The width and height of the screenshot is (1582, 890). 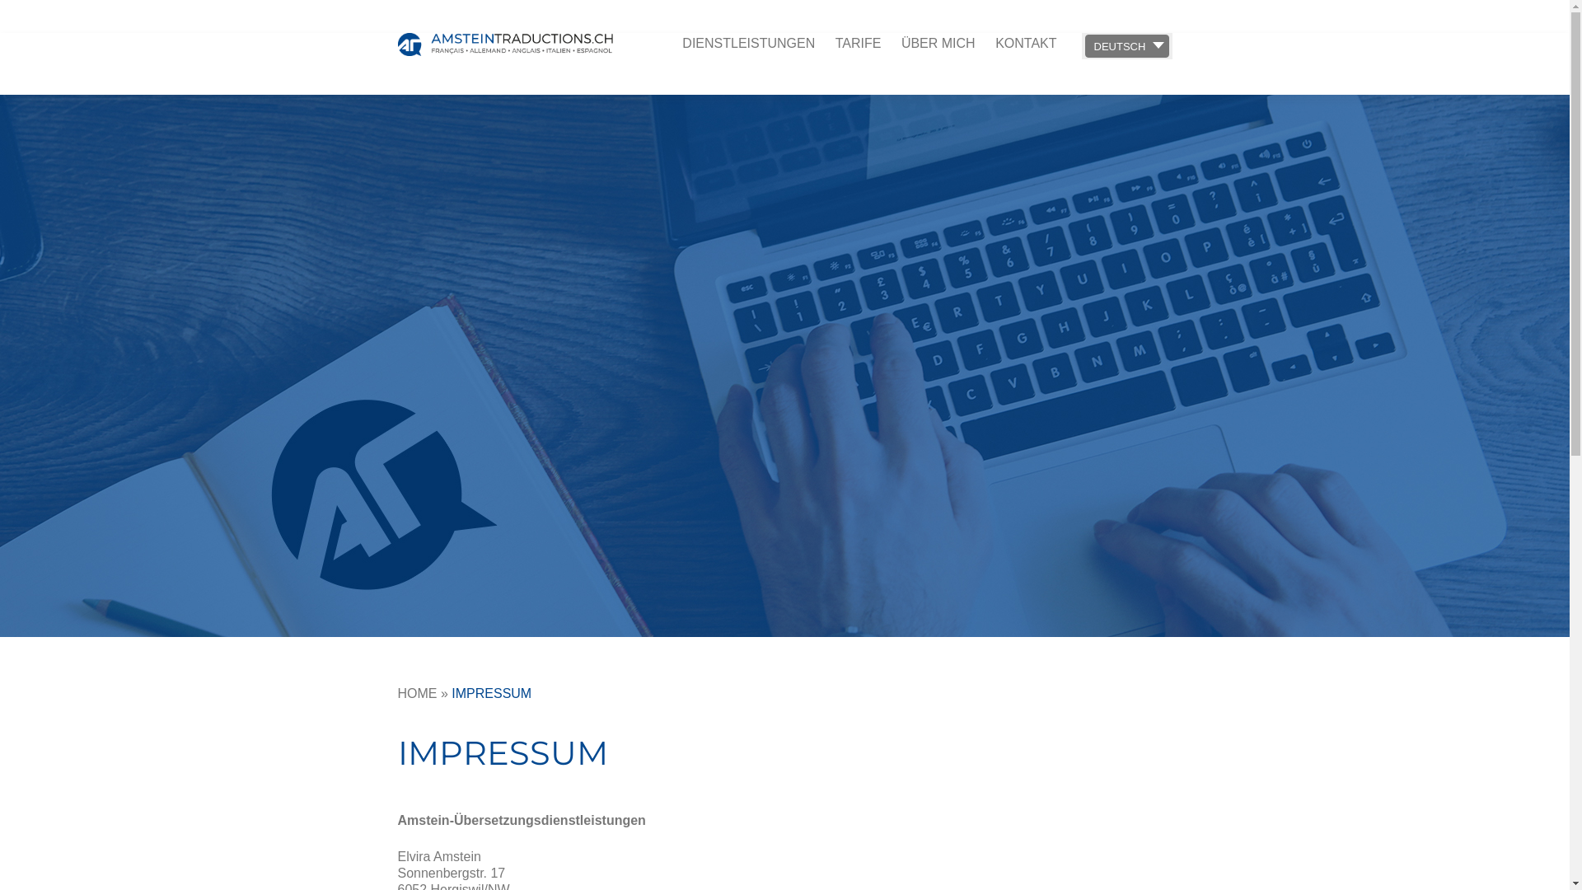 I want to click on 'DEUTSCH', so click(x=1126, y=45).